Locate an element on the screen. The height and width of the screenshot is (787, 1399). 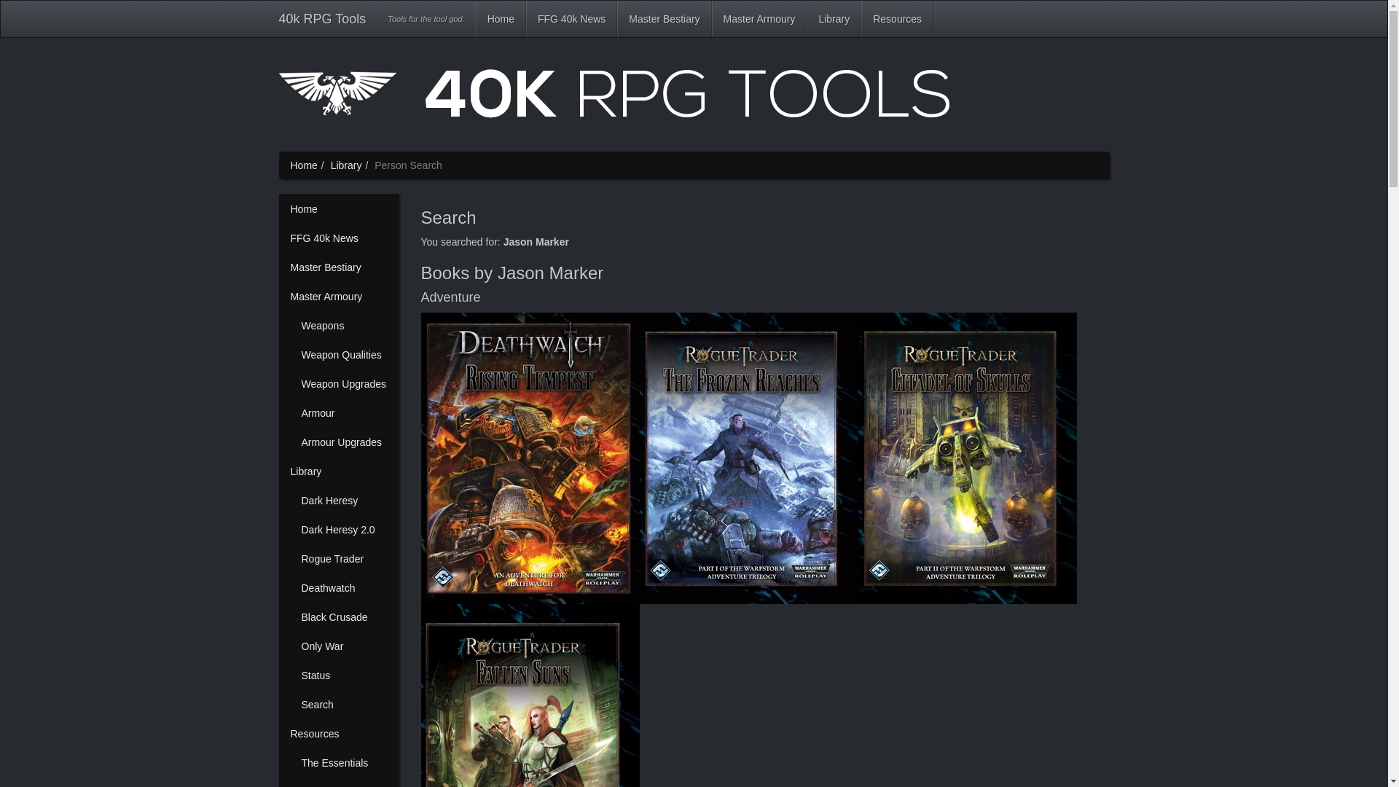
'Status' is located at coordinates (290, 675).